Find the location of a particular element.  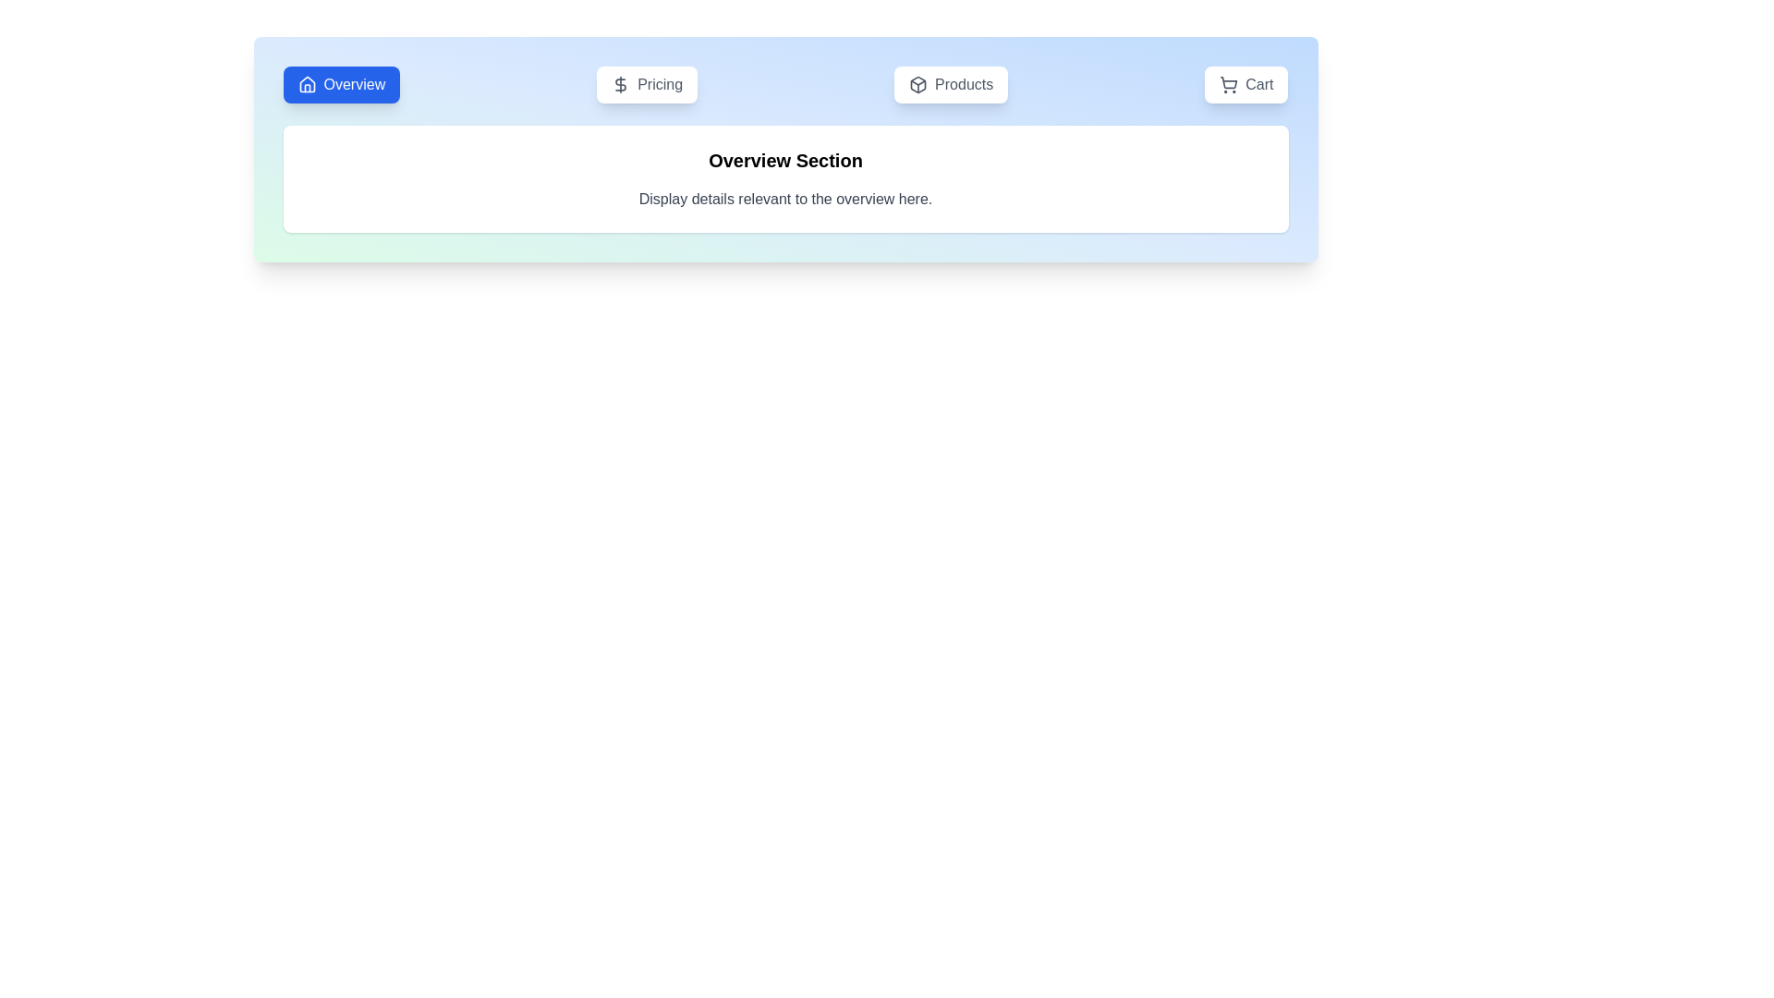

the button labeled Products is located at coordinates (951, 85).